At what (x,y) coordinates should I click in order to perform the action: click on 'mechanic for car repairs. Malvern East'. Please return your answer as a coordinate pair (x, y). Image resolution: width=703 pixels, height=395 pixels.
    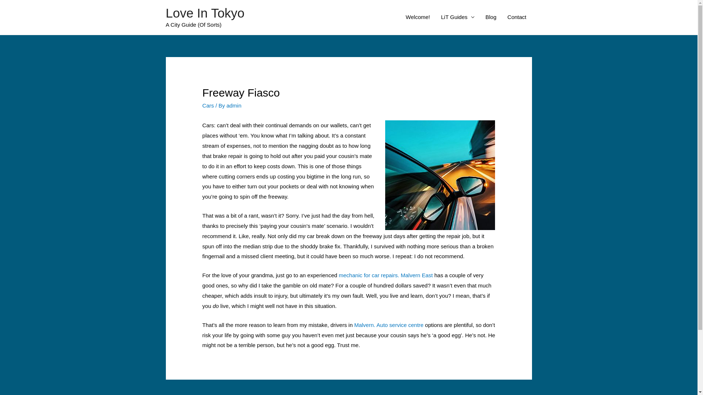
    Looking at the image, I should click on (385, 275).